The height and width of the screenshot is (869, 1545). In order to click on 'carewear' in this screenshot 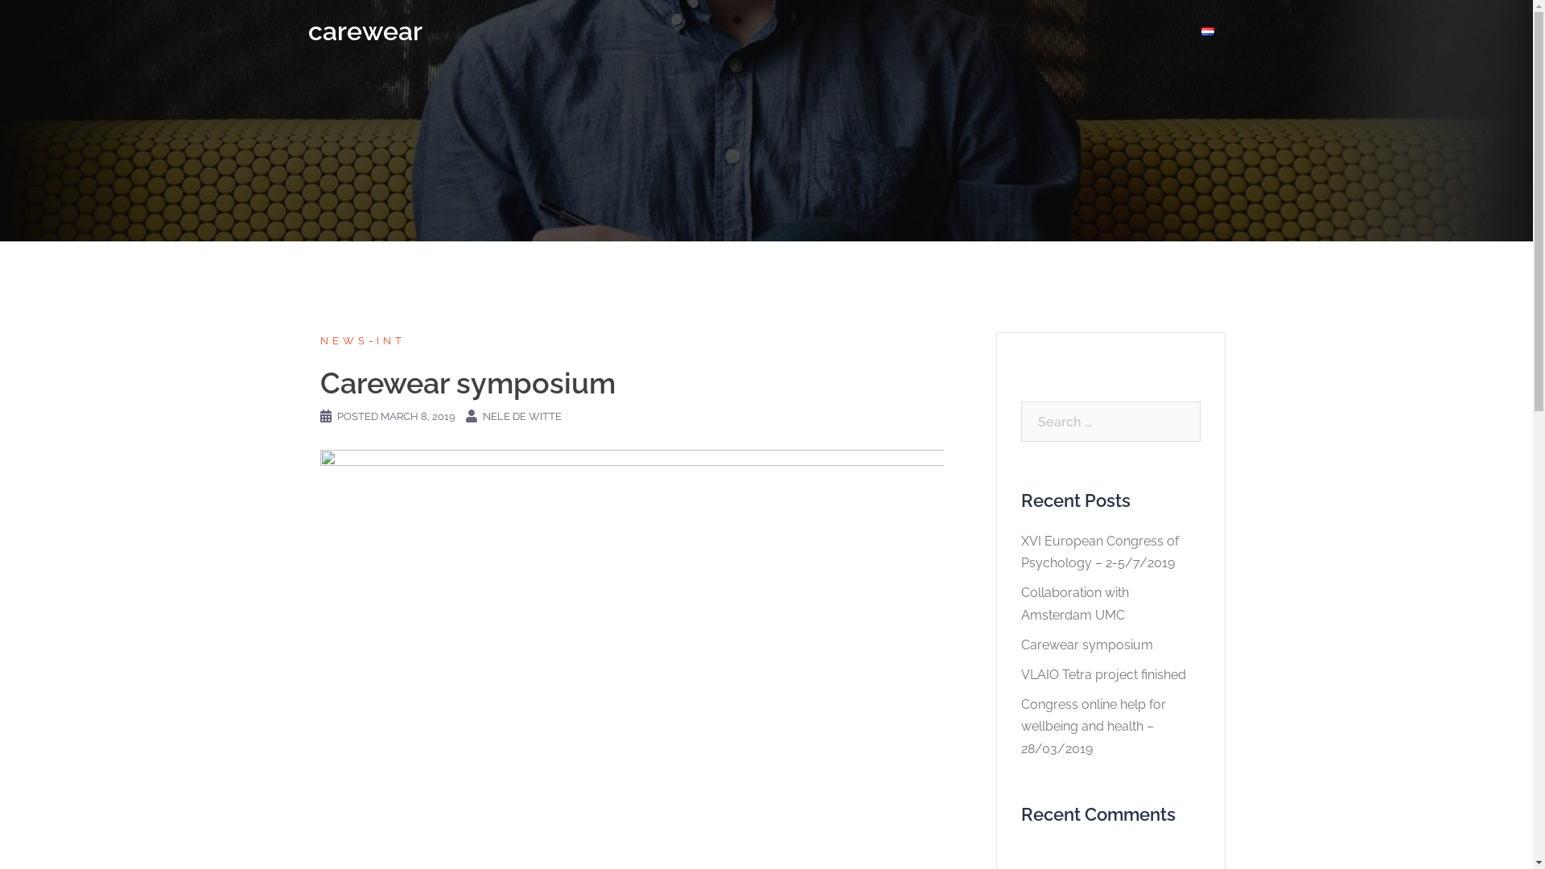, I will do `click(363, 31)`.